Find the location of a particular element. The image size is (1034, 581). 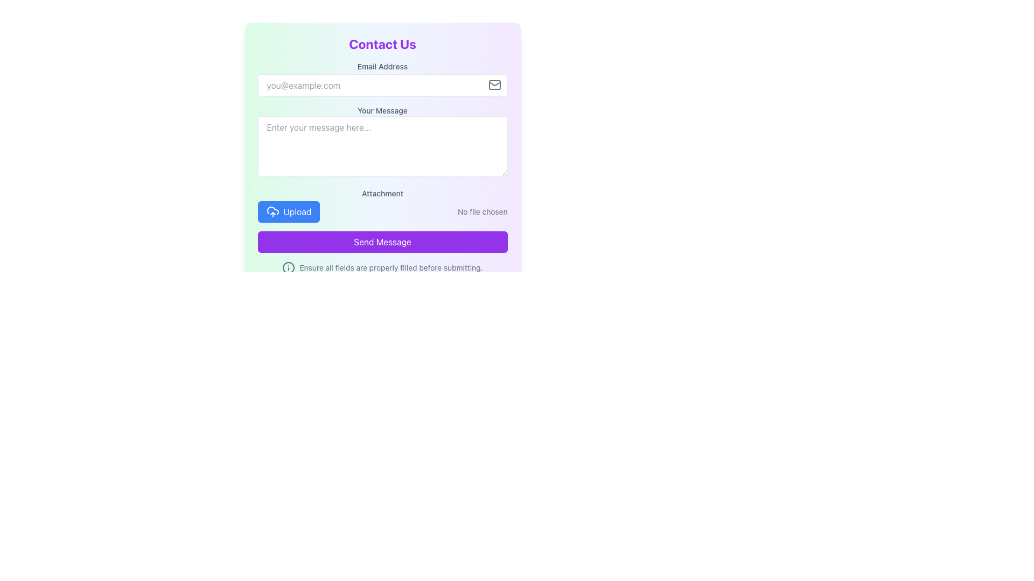

the text label element displaying 'No file chosen.' which is styled with gray font color and located to the right of the blue upload button is located at coordinates (482, 211).